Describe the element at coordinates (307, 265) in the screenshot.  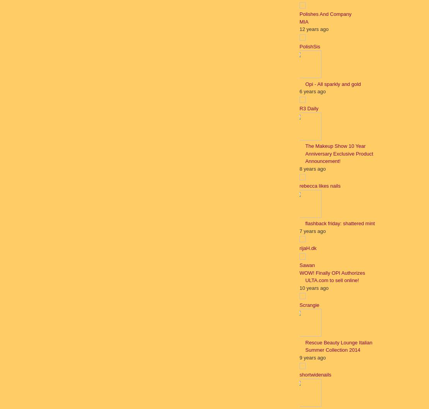
I see `'Sawan'` at that location.